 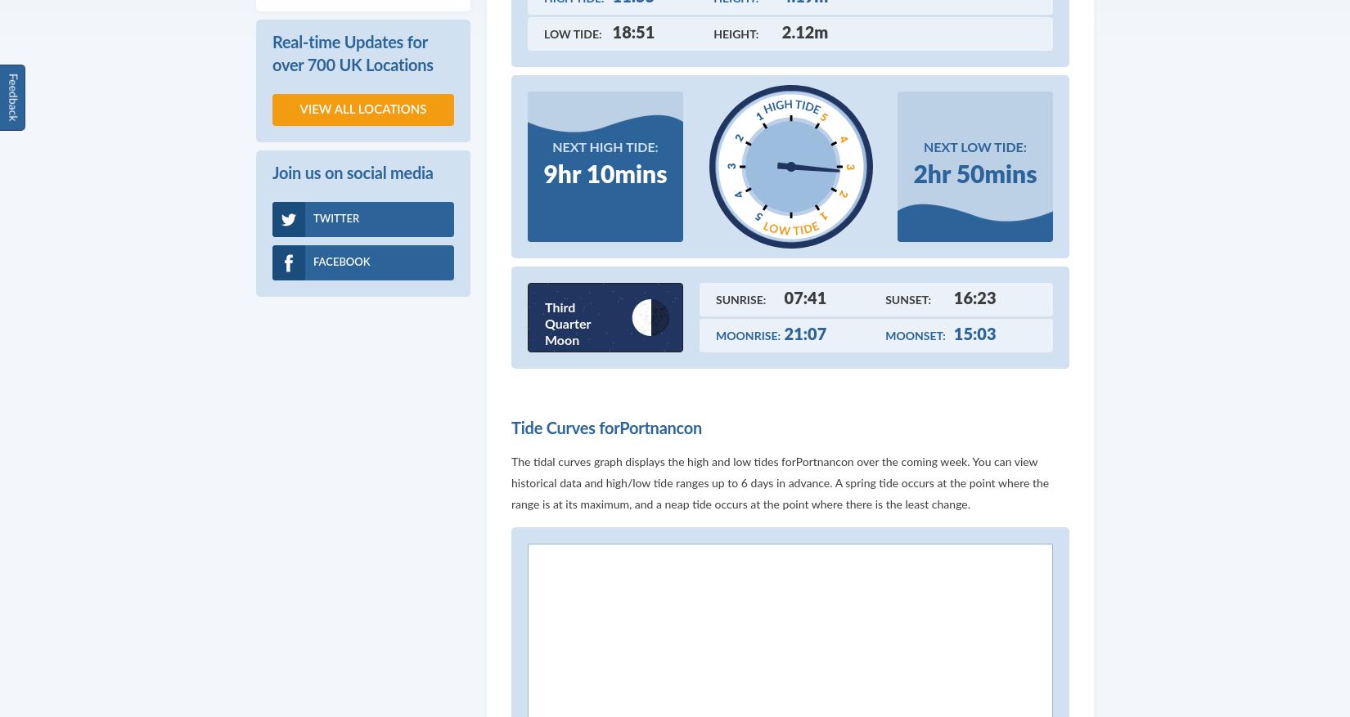 What do you see at coordinates (748, 334) in the screenshot?
I see `'Moonrise:'` at bounding box center [748, 334].